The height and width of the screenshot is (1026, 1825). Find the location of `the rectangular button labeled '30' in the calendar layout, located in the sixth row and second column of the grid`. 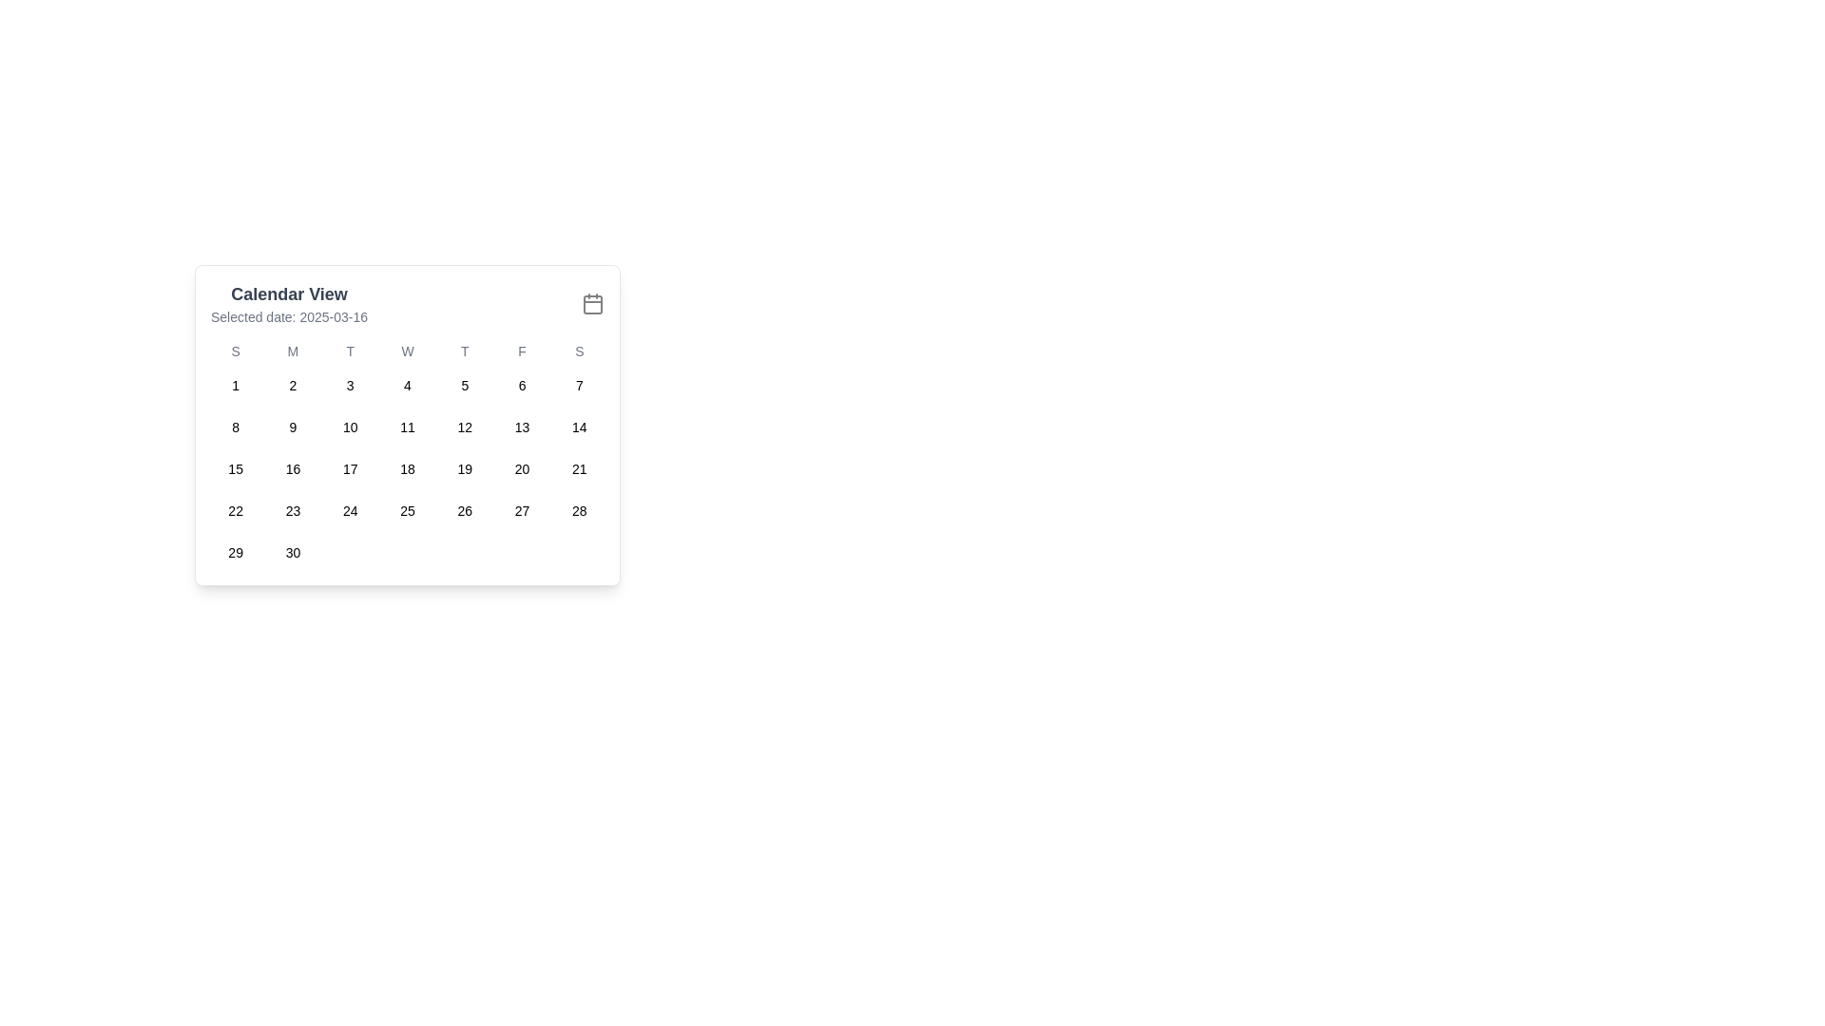

the rectangular button labeled '30' in the calendar layout, located in the sixth row and second column of the grid is located at coordinates (292, 553).